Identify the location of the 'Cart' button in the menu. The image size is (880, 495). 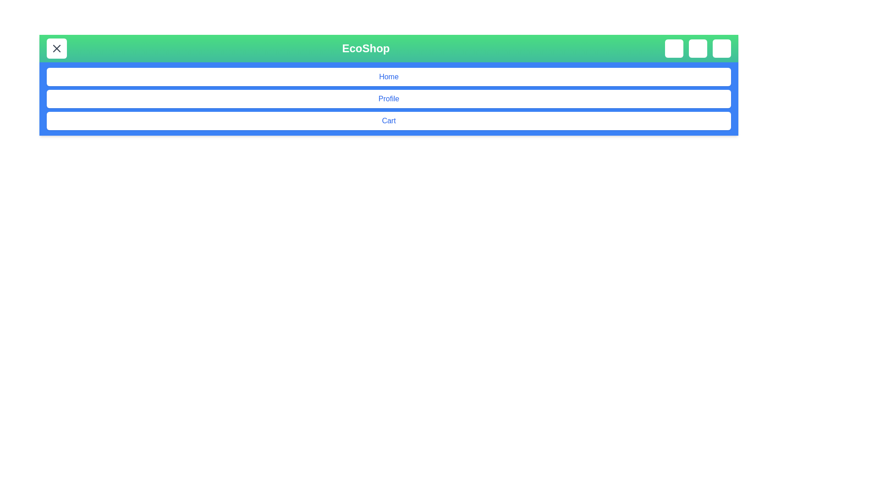
(389, 120).